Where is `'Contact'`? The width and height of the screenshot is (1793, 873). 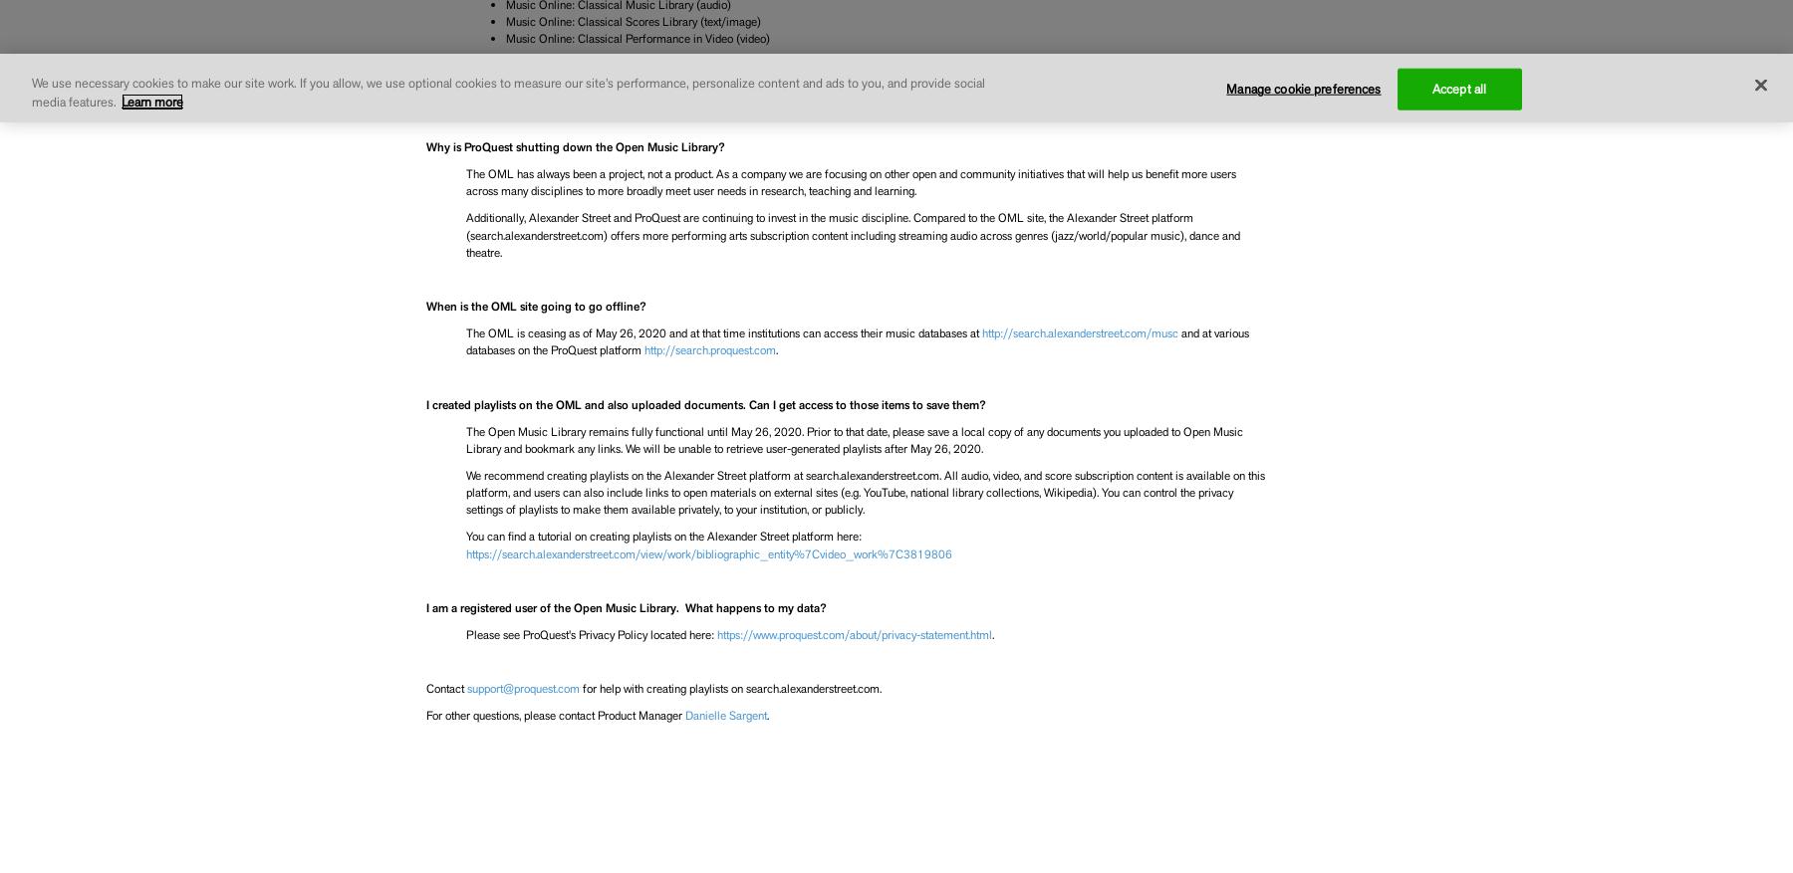 'Contact' is located at coordinates (445, 688).